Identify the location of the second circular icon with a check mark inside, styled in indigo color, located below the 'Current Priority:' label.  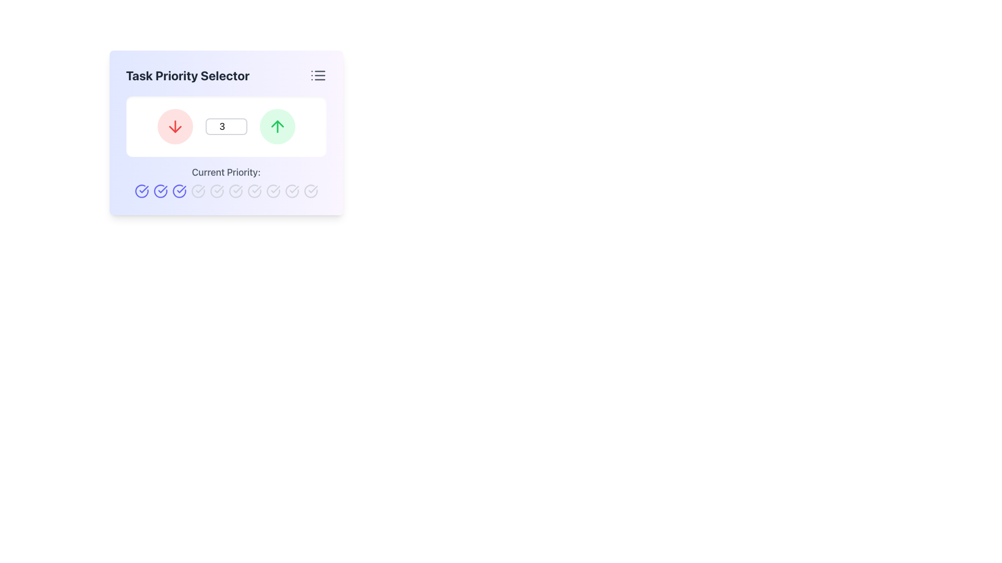
(141, 191).